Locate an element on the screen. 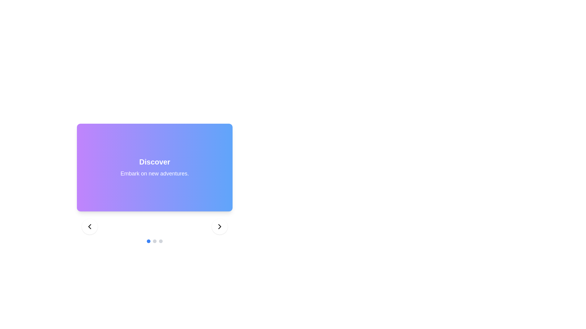 The image size is (586, 329). the right-pointing chevron icon located at the bottom-right side of the 'Discover' UI card to trigger the hover effect is located at coordinates (220, 227).